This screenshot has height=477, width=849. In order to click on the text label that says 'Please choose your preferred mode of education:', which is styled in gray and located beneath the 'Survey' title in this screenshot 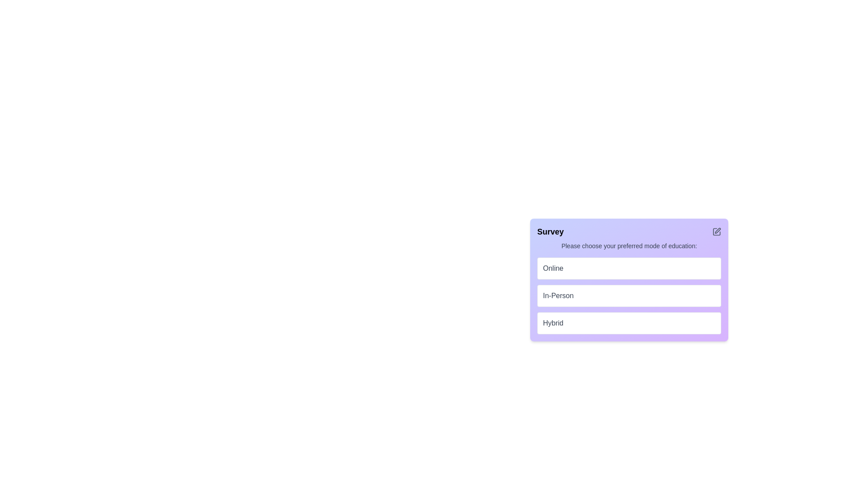, I will do `click(628, 246)`.